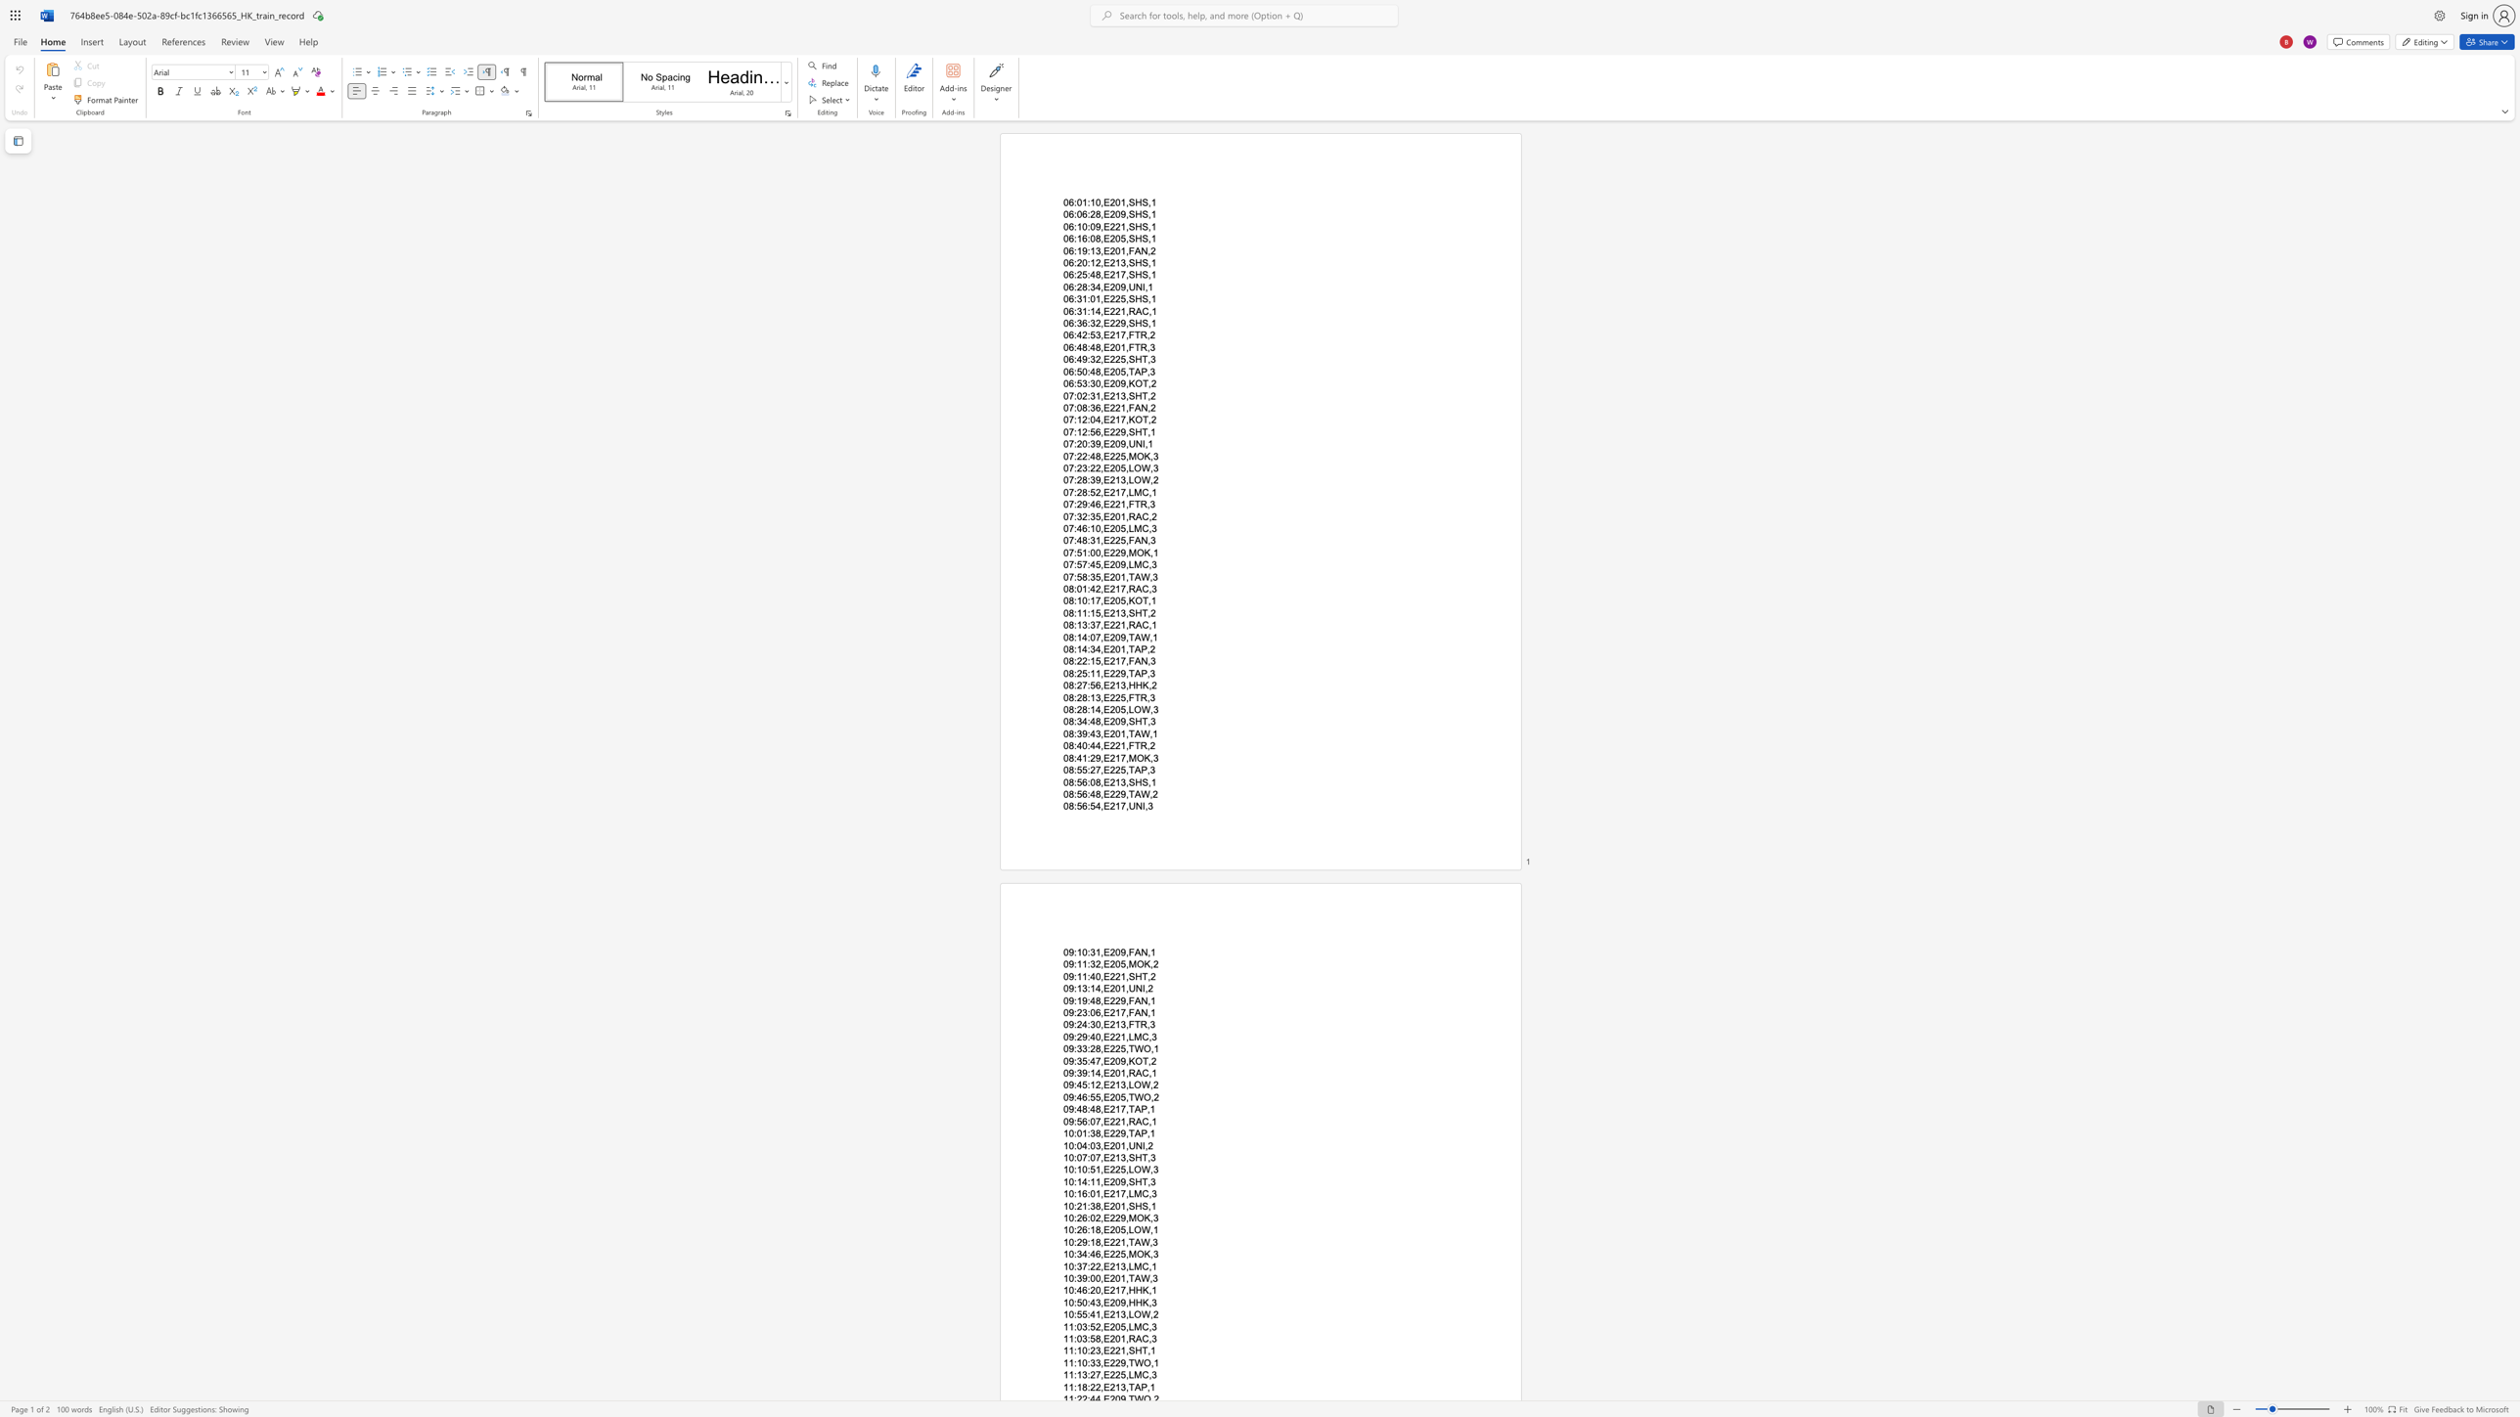  I want to click on the space between the continuous character "9" and "," in the text, so click(1124, 565).